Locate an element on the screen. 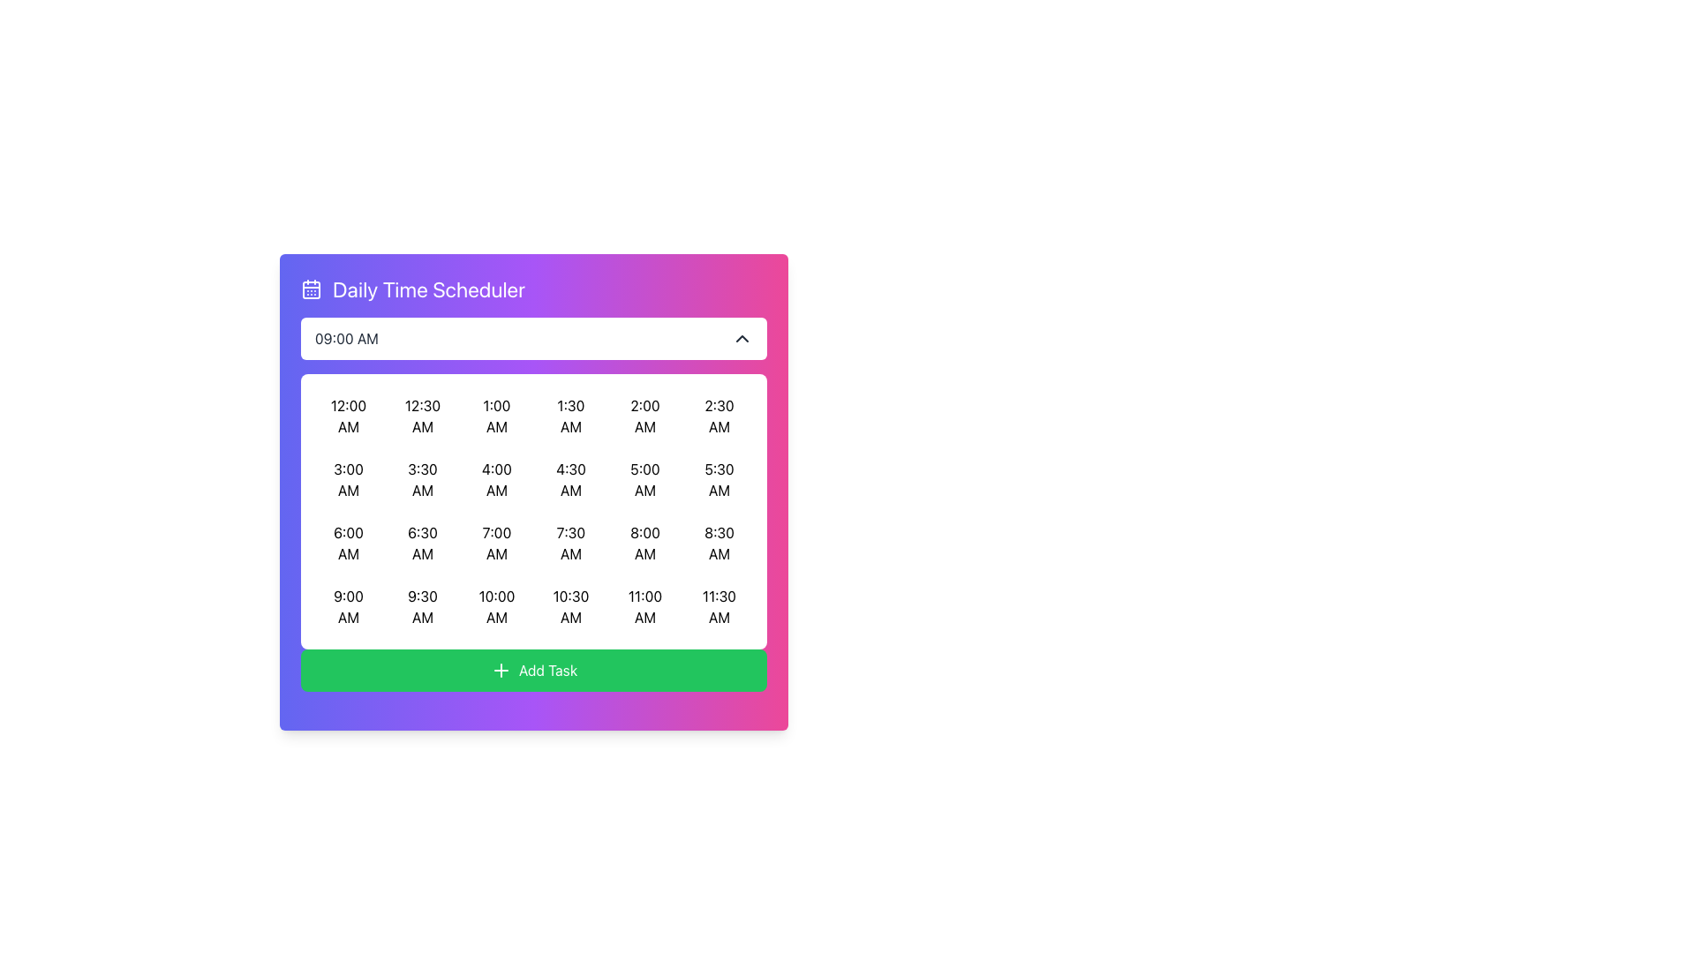 The width and height of the screenshot is (1695, 953). text displayed in the black font on the white background that shows the time '09:00 AM' in the upper section of the time scheduler interface is located at coordinates (347, 339).